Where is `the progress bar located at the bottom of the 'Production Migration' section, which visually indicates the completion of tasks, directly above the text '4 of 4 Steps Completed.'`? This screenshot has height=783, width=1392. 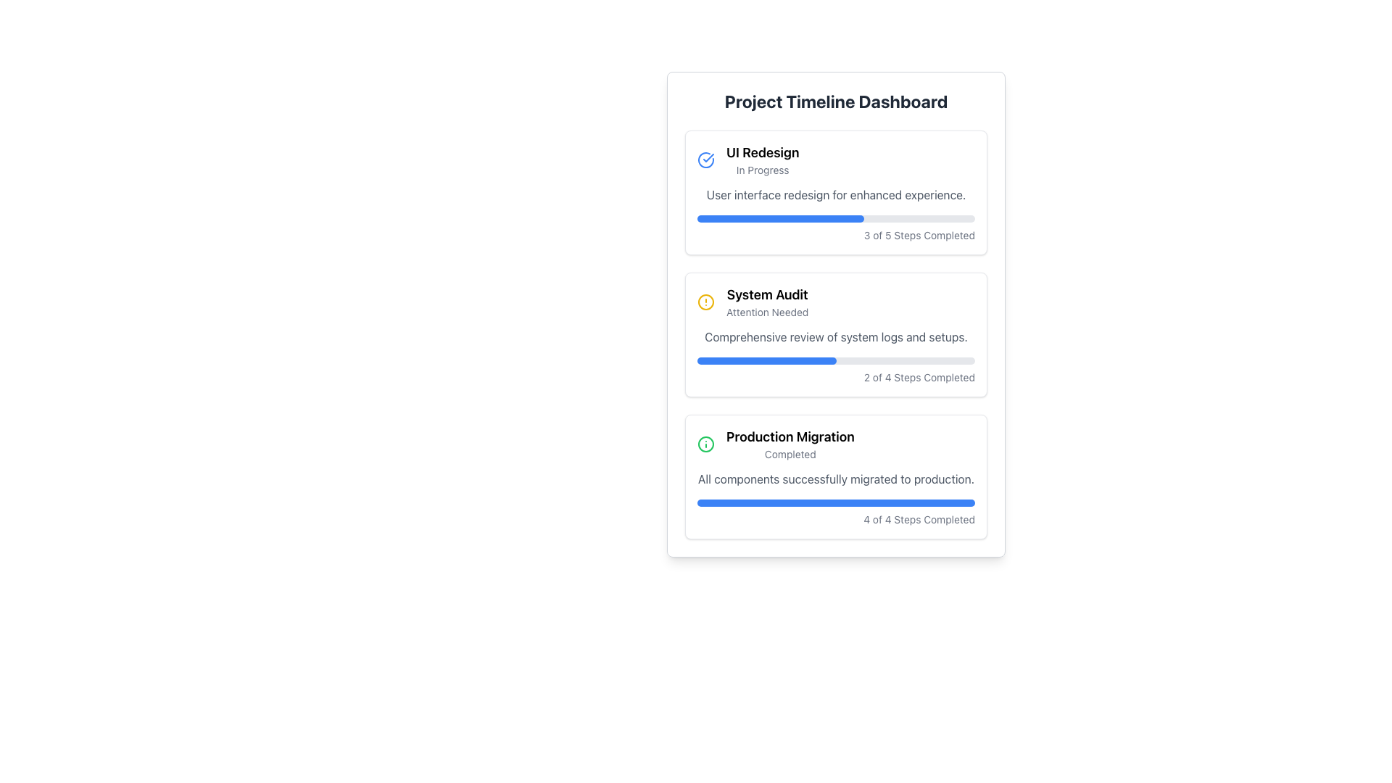 the progress bar located at the bottom of the 'Production Migration' section, which visually indicates the completion of tasks, directly above the text '4 of 4 Steps Completed.' is located at coordinates (836, 502).